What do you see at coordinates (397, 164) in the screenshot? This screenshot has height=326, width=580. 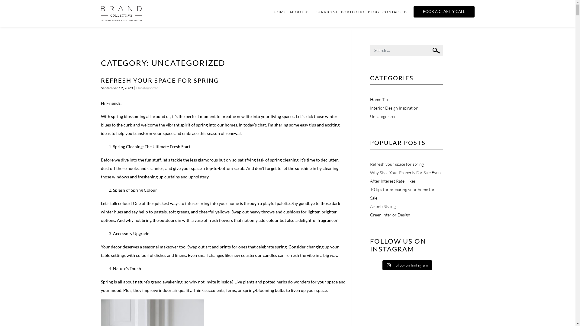 I see `'Refresh your space for spring'` at bounding box center [397, 164].